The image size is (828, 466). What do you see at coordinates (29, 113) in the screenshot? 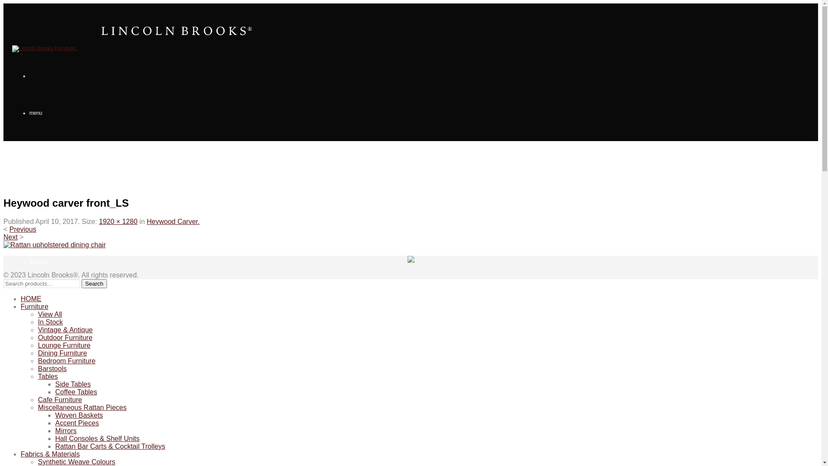
I see `'menu'` at bounding box center [29, 113].